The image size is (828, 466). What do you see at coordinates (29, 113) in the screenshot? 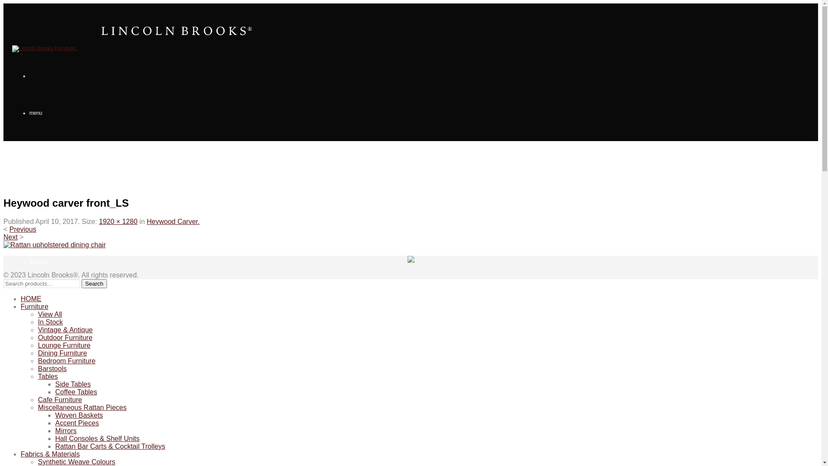
I see `'menu'` at bounding box center [29, 113].